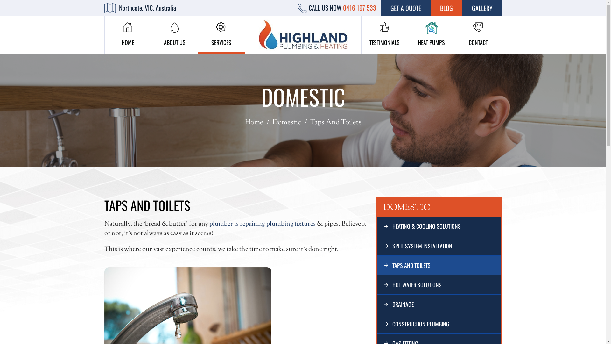  I want to click on 'BLOG', so click(446, 8).